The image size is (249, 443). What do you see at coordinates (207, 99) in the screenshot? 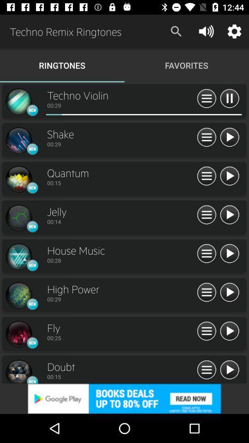
I see `open a playlist option` at bounding box center [207, 99].